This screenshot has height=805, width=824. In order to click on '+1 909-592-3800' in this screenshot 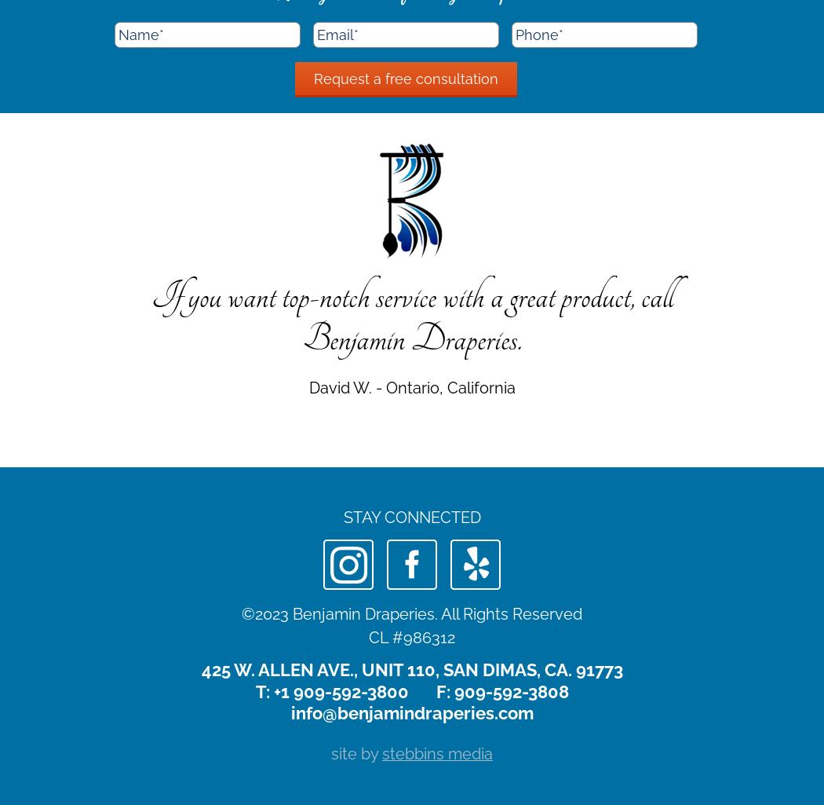, I will do `click(339, 691)`.